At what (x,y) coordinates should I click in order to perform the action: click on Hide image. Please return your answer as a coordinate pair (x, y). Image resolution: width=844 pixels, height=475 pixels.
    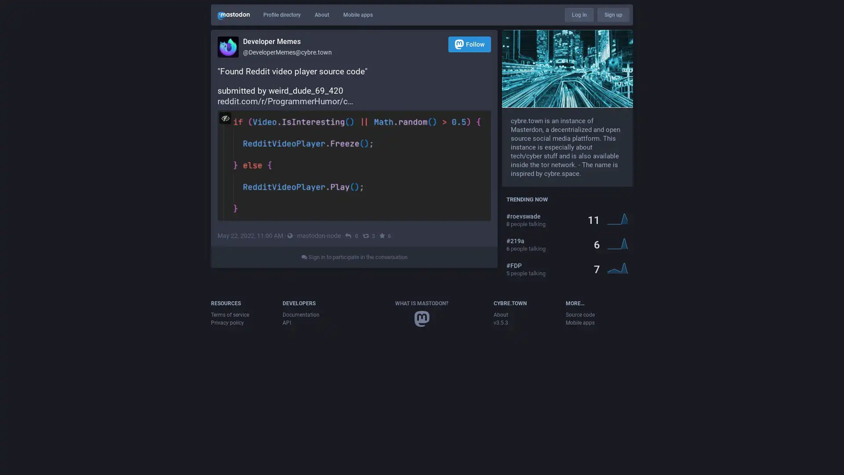
    Looking at the image, I should click on (225, 117).